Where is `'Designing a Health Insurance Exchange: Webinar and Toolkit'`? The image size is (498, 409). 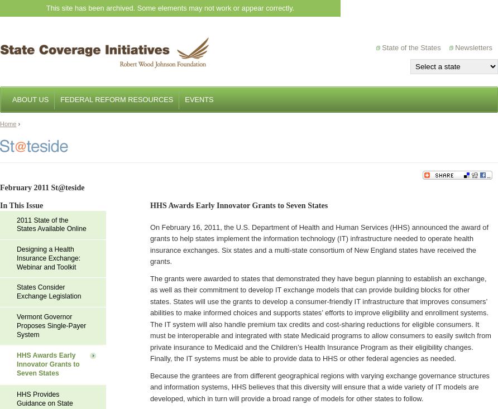 'Designing a Health Insurance Exchange: Webinar and Toolkit' is located at coordinates (48, 257).